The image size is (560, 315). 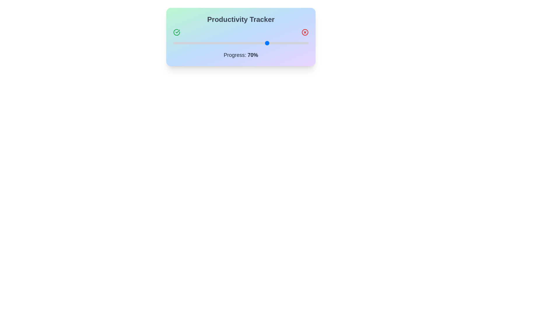 I want to click on the SVG circle that is part of the close icon for the 'Productivity Tracker' section, so click(x=305, y=32).